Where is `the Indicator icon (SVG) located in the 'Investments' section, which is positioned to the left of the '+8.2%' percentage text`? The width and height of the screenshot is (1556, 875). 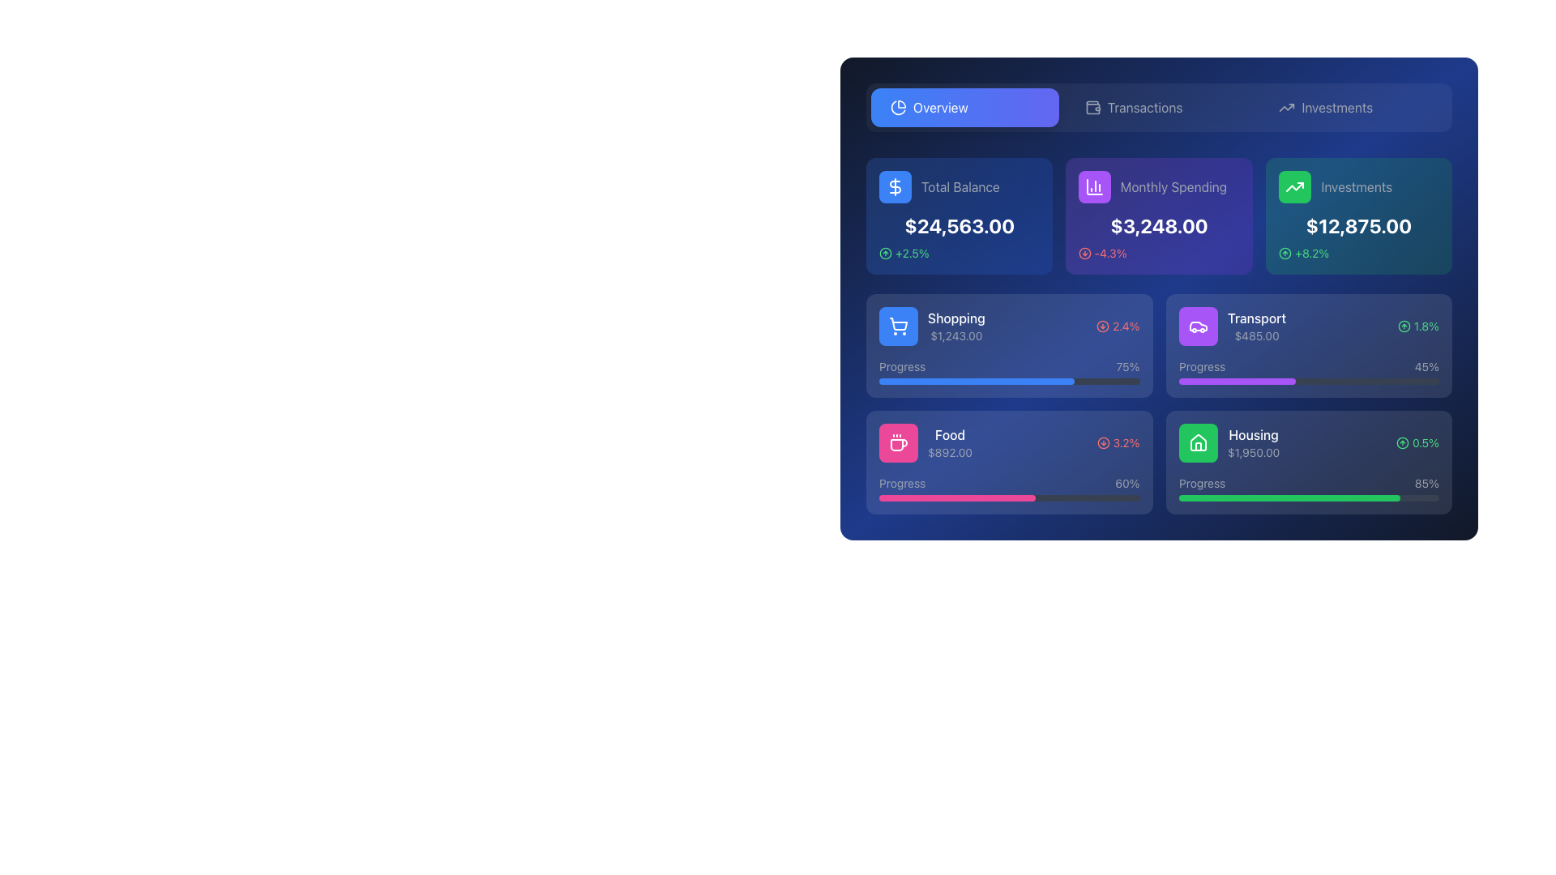 the Indicator icon (SVG) located in the 'Investments' section, which is positioned to the left of the '+8.2%' percentage text is located at coordinates (1284, 253).